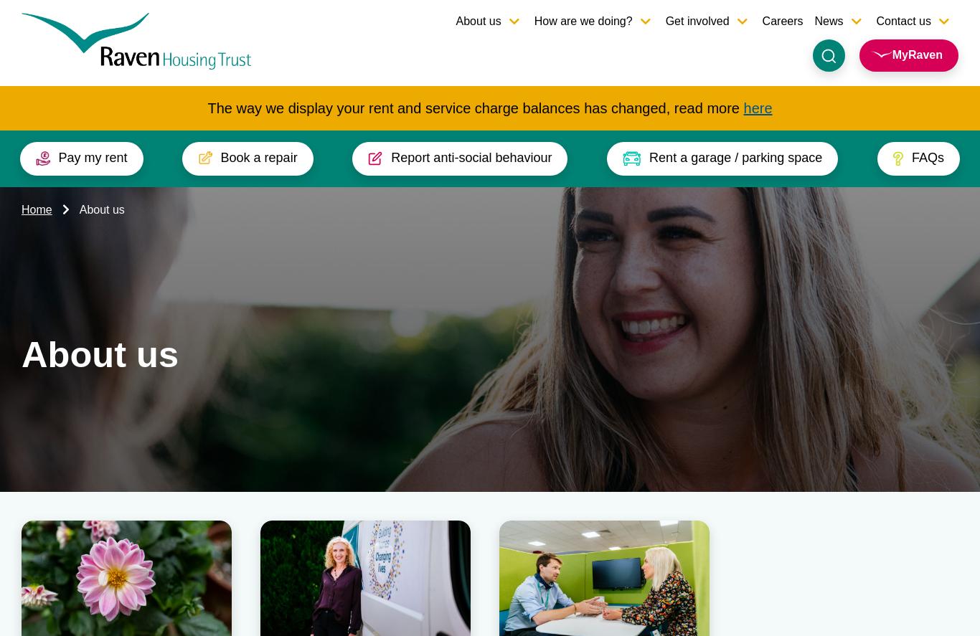  I want to click on 'We use cookies to enable us to provide the very best user experience. Cookies help the website to function and to track how you interact with the site. By continuing to browse you are agreeing to our use of necessary cookies. You may disable these by changing your browser settings, but this may affect how the website functions - see Cookies policy for instructions. Here's our', so click(197, 574).